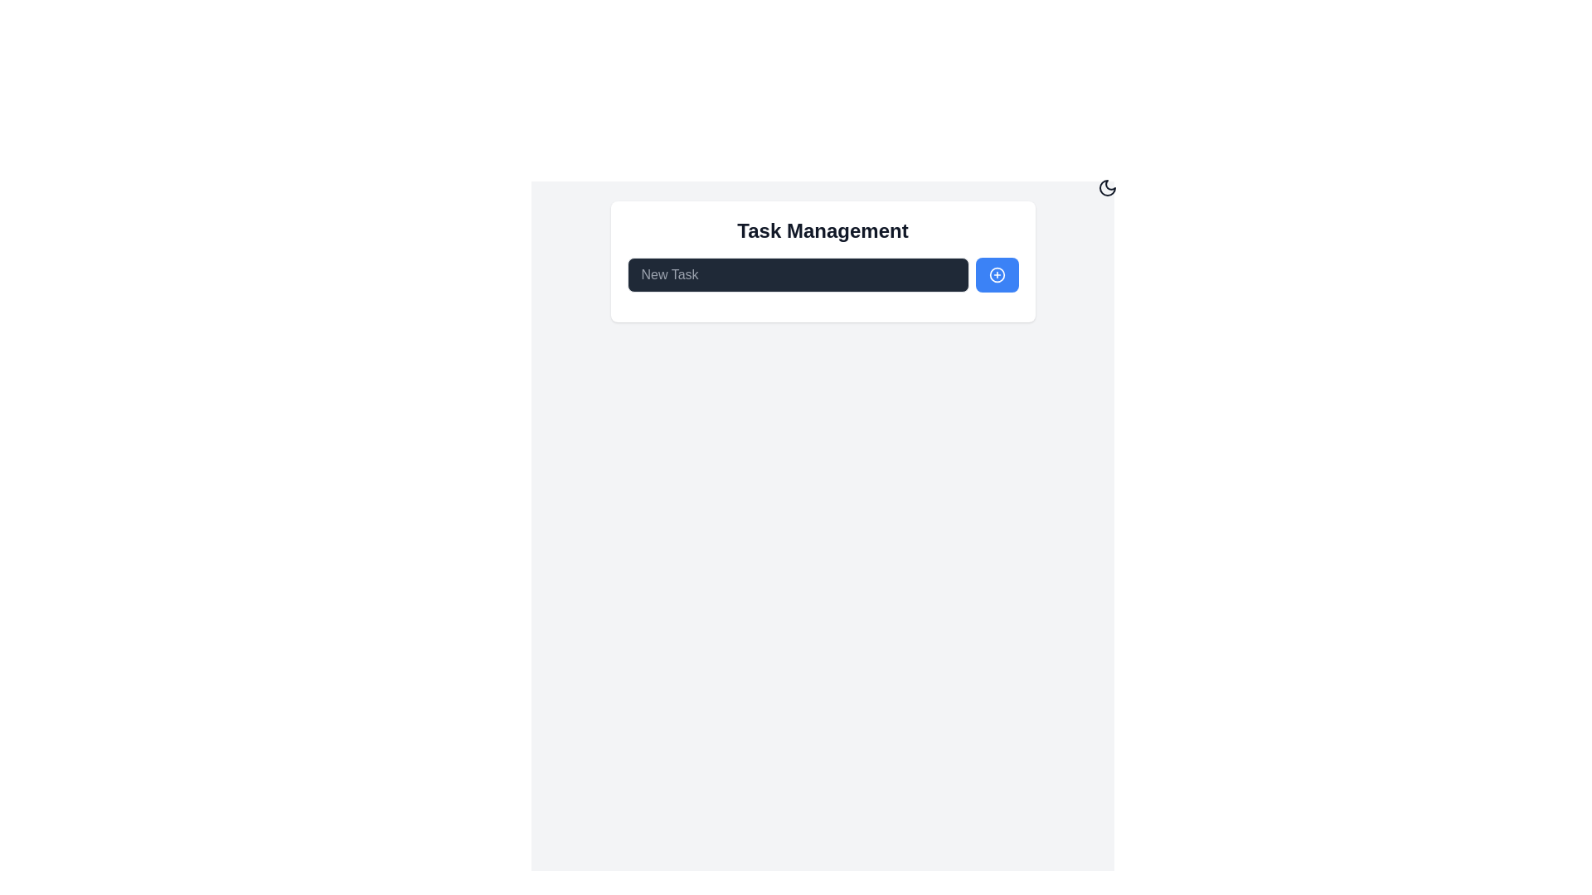 The height and width of the screenshot is (895, 1592). I want to click on the Text Label (Heading) which serves as a descriptive heading for the section, indicating the purpose or content of the interface below, so click(823, 230).